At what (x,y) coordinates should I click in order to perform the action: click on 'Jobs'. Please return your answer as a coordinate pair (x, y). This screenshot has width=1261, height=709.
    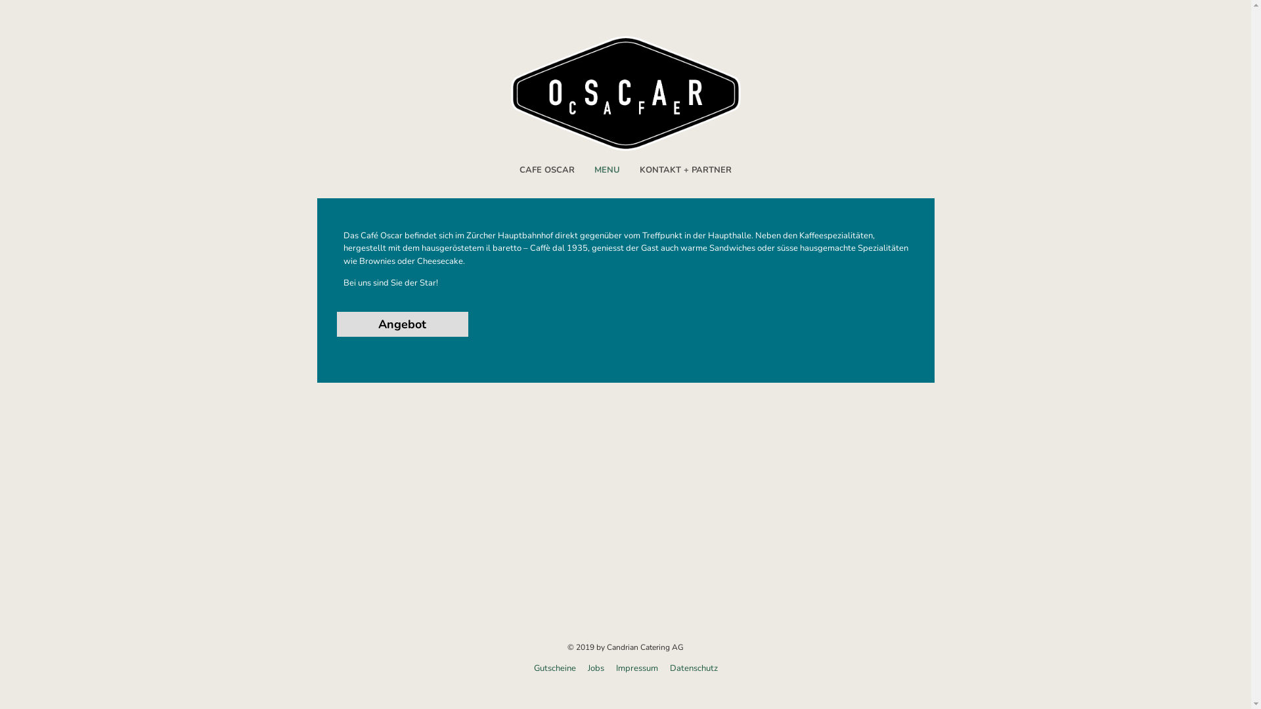
    Looking at the image, I should click on (590, 668).